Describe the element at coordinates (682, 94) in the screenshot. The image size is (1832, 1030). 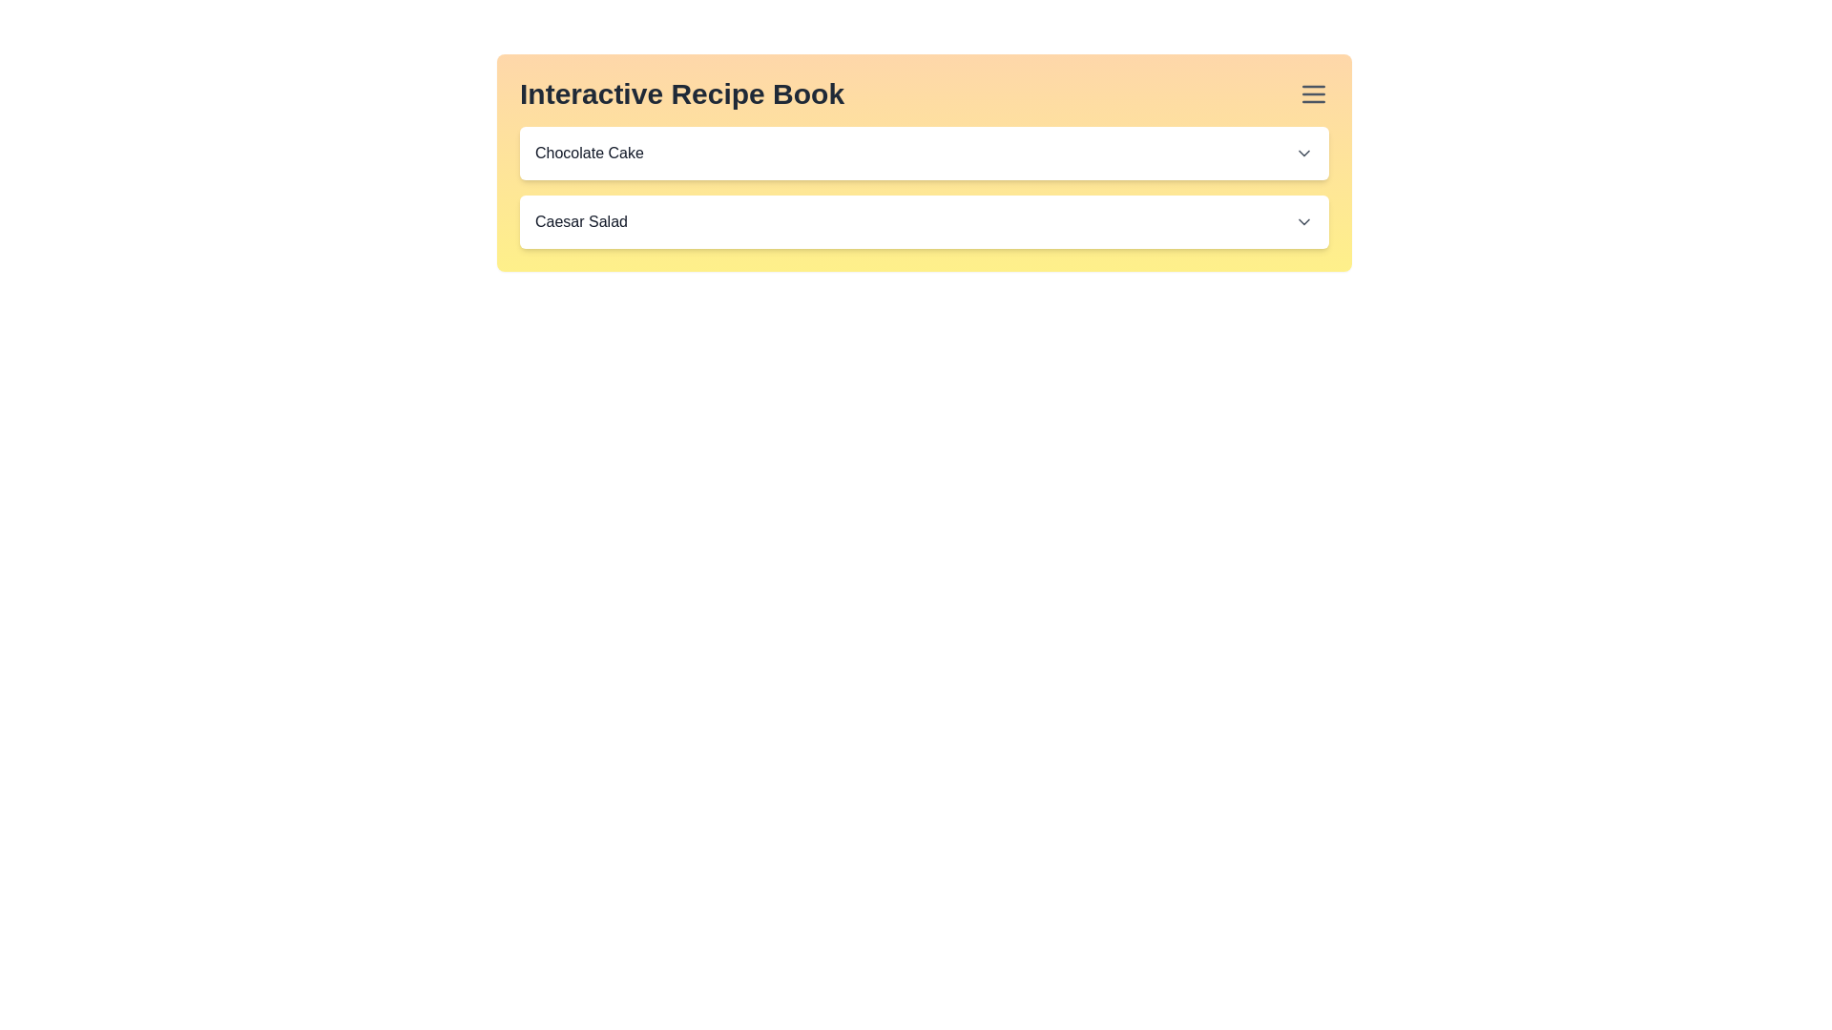
I see `the title text element located in the top-left corner of the orange gradient header of the interactive recipe book interface` at that location.